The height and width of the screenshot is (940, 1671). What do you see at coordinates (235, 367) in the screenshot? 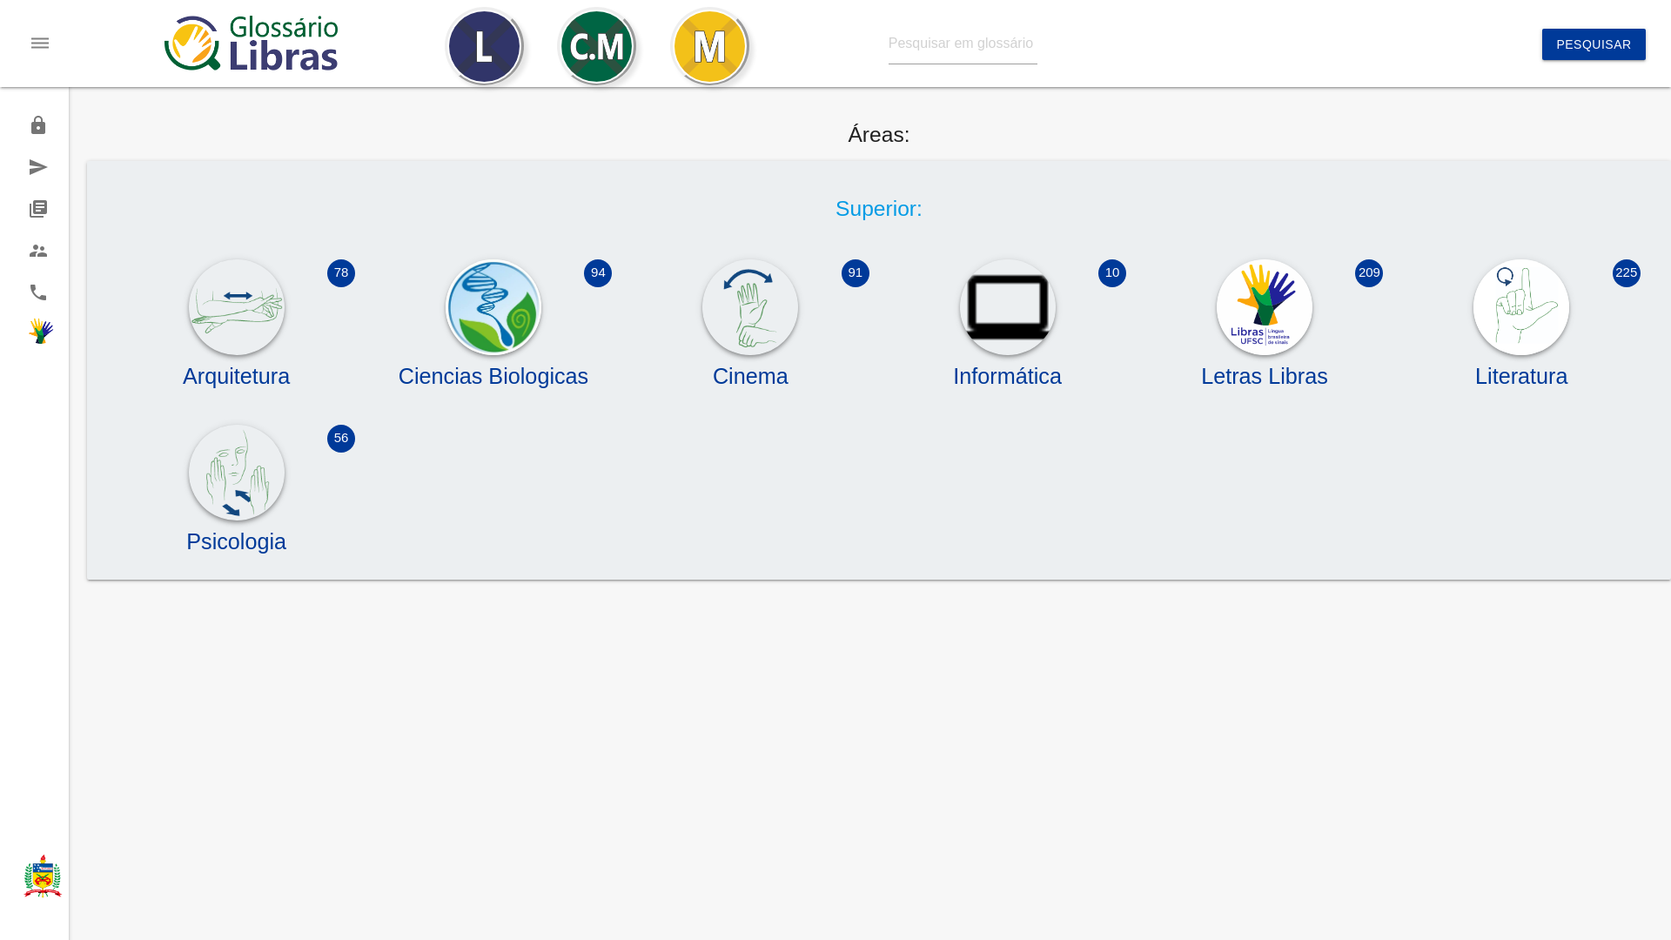
I see `'78` at bounding box center [235, 367].